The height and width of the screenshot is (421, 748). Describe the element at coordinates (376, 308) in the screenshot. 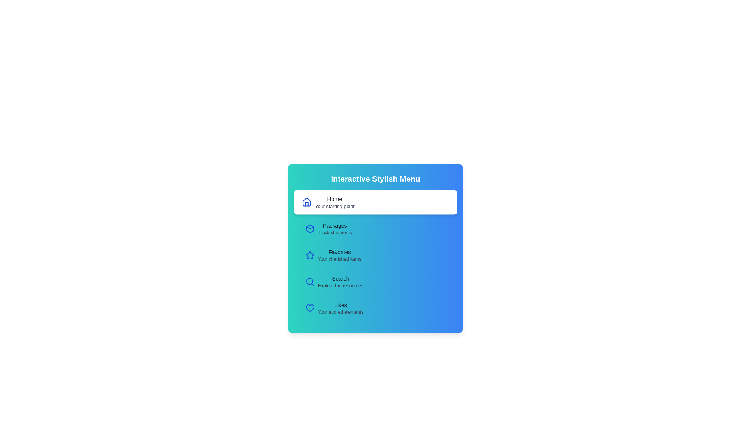

I see `the menu item corresponding to Likes` at that location.